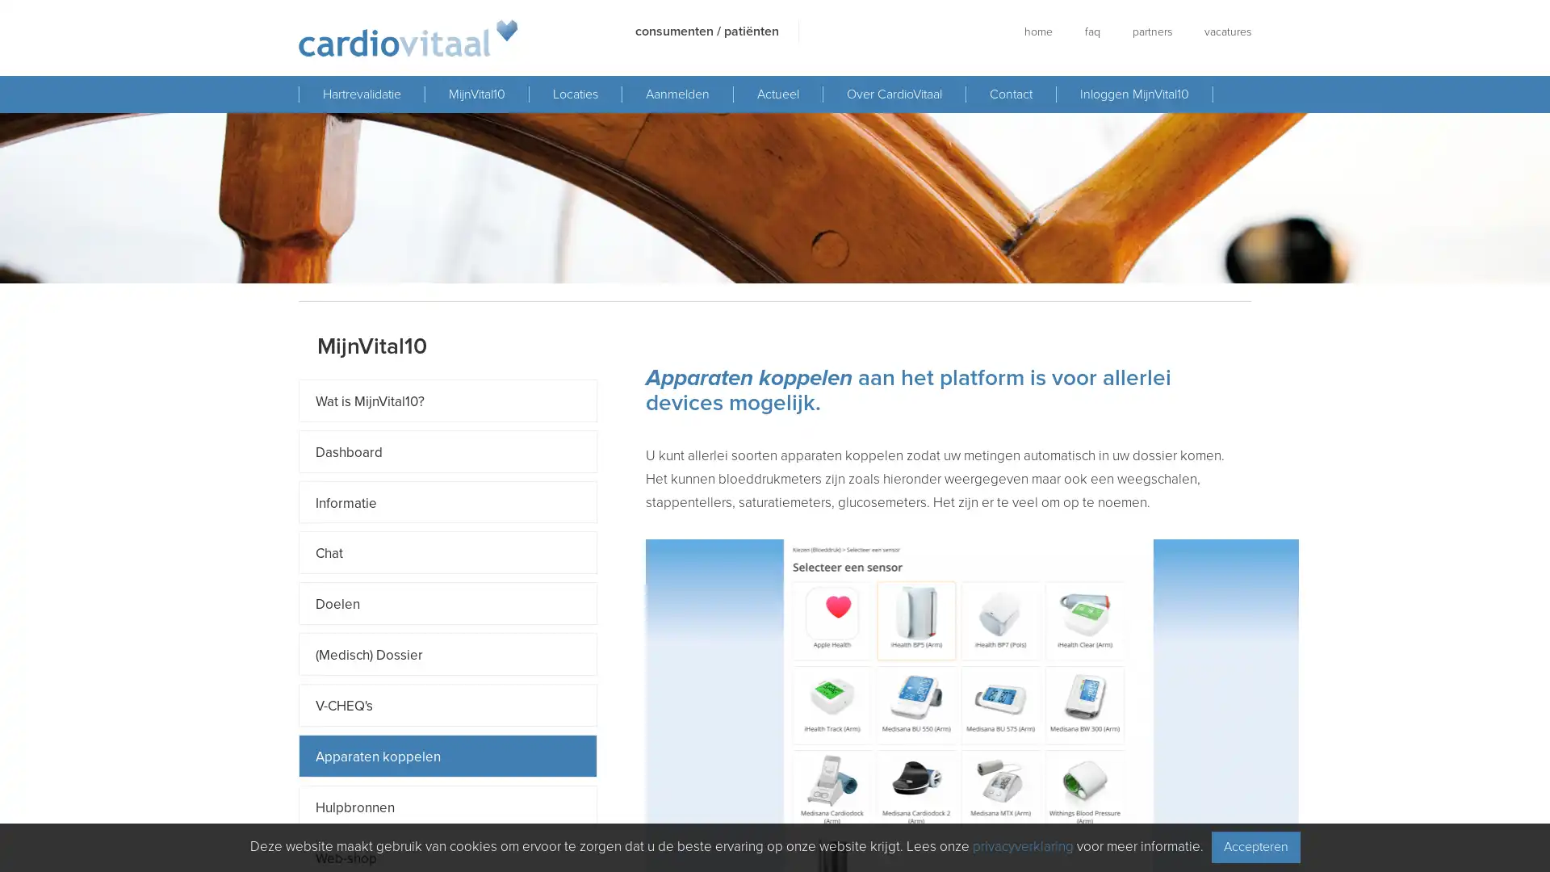 The height and width of the screenshot is (872, 1550). Describe the element at coordinates (1255, 846) in the screenshot. I see `Accepteren` at that location.